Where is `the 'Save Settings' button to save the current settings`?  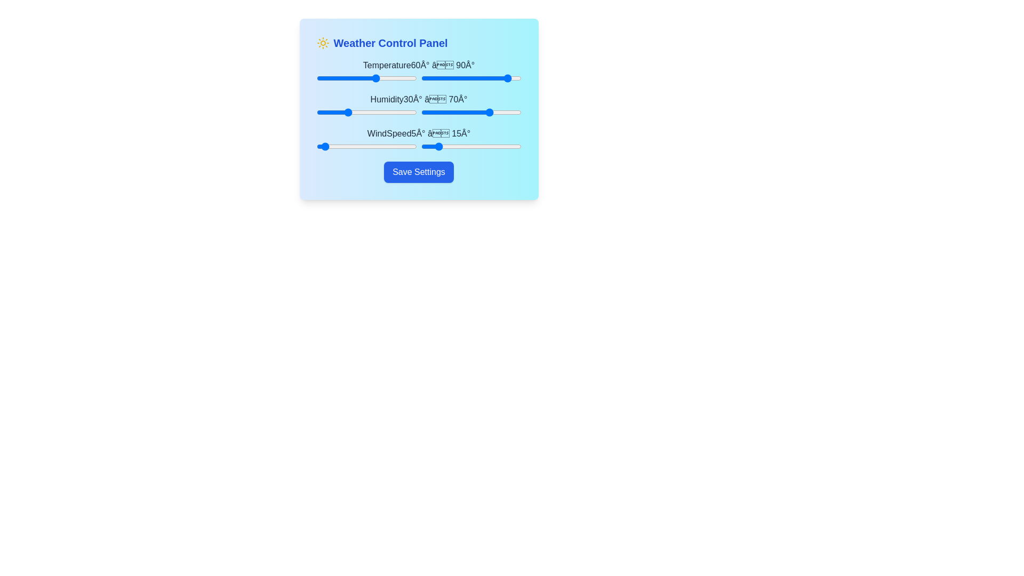 the 'Save Settings' button to save the current settings is located at coordinates (418, 172).